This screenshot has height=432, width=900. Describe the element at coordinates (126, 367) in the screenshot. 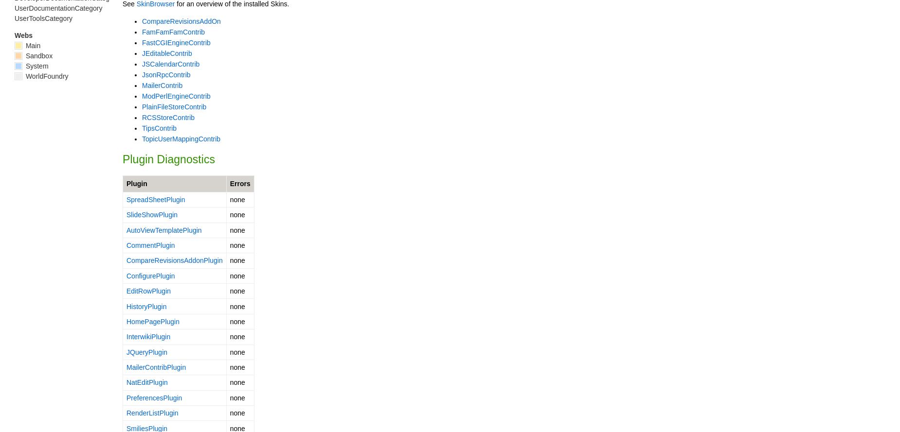

I see `'MailerContribPlugin'` at that location.